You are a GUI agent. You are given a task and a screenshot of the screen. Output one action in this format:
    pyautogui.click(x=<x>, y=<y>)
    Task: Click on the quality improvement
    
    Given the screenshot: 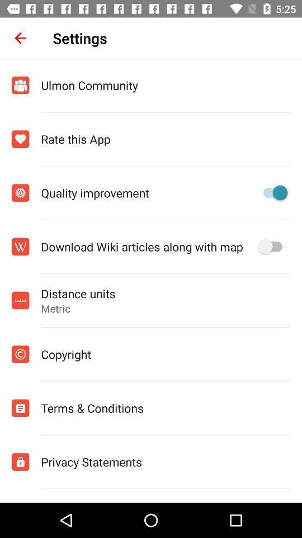 What is the action you would take?
    pyautogui.click(x=272, y=193)
    